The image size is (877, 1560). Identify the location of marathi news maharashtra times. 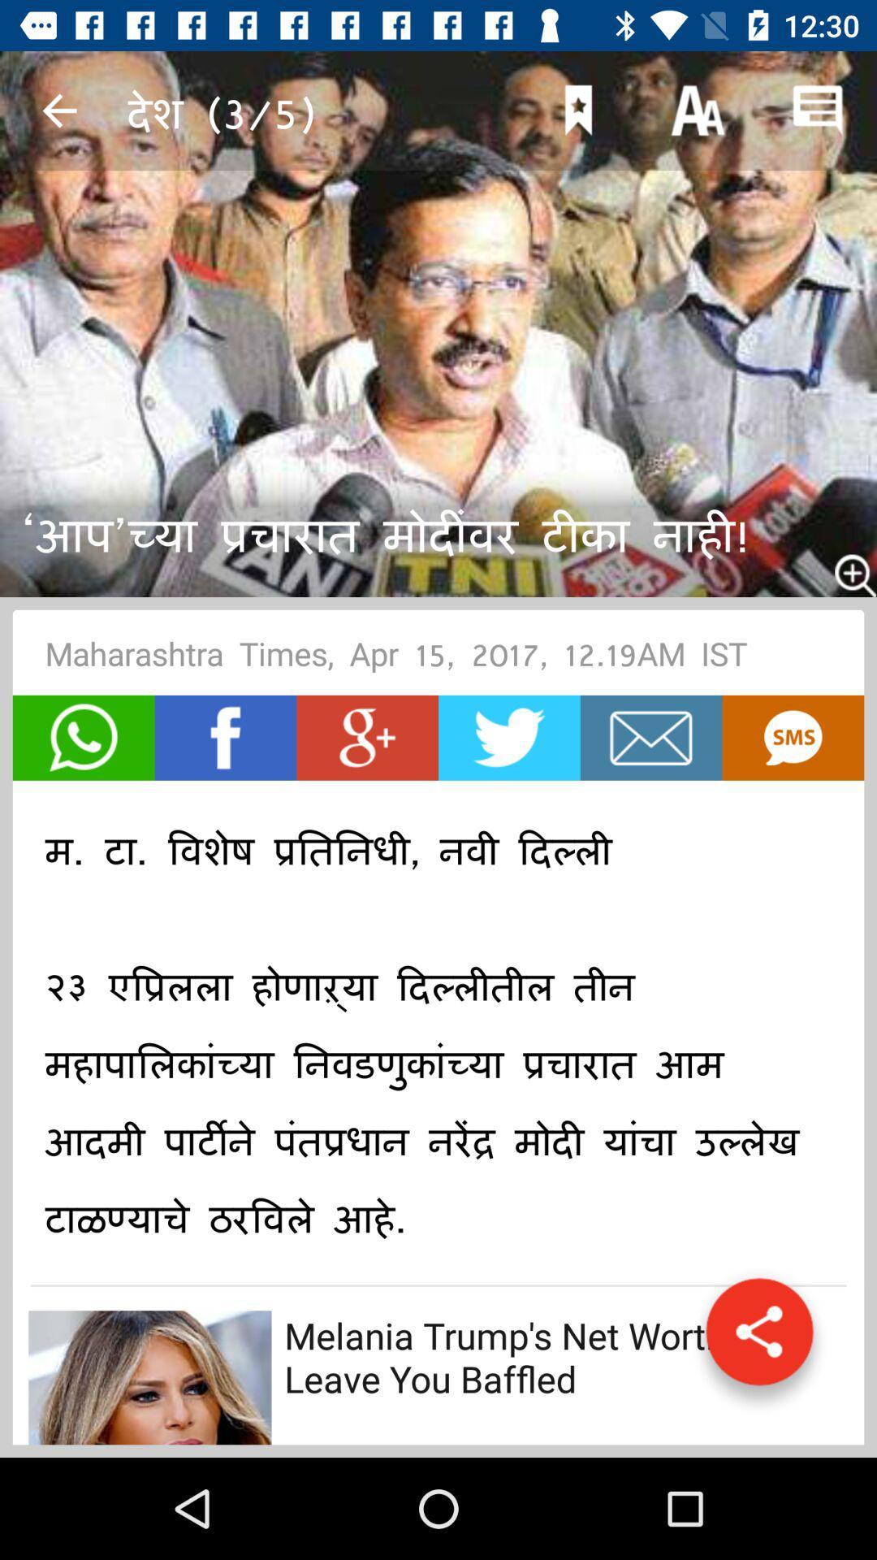
(225, 737).